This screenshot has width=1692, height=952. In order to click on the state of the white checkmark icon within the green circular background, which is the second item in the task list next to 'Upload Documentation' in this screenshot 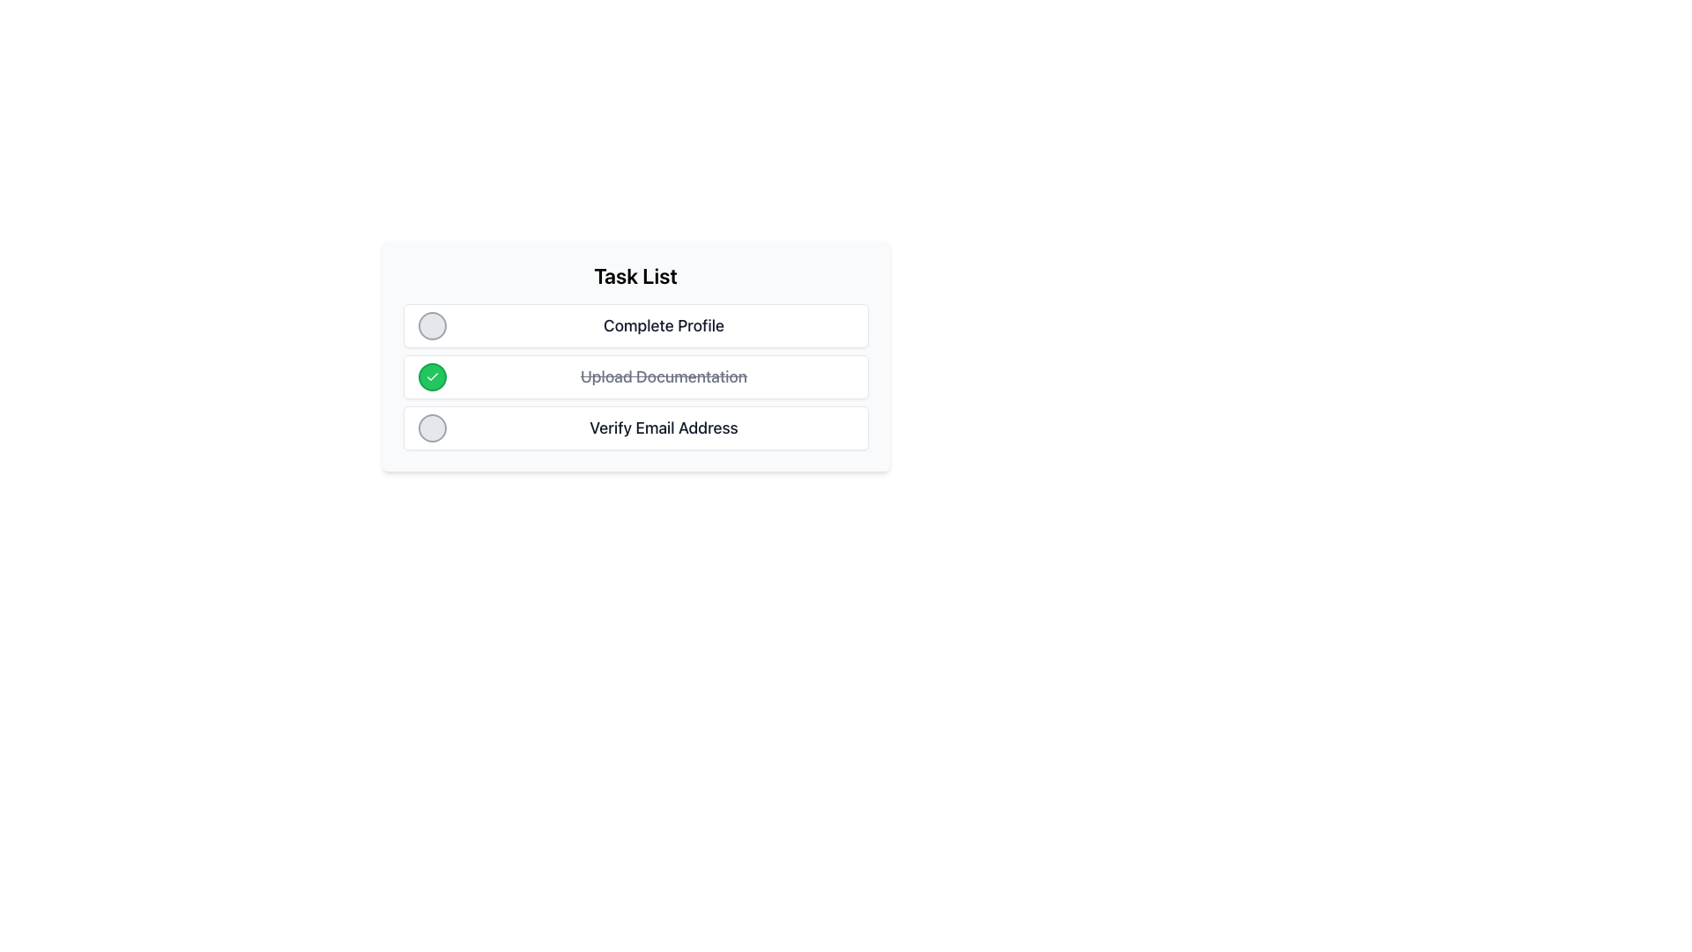, I will do `click(432, 376)`.